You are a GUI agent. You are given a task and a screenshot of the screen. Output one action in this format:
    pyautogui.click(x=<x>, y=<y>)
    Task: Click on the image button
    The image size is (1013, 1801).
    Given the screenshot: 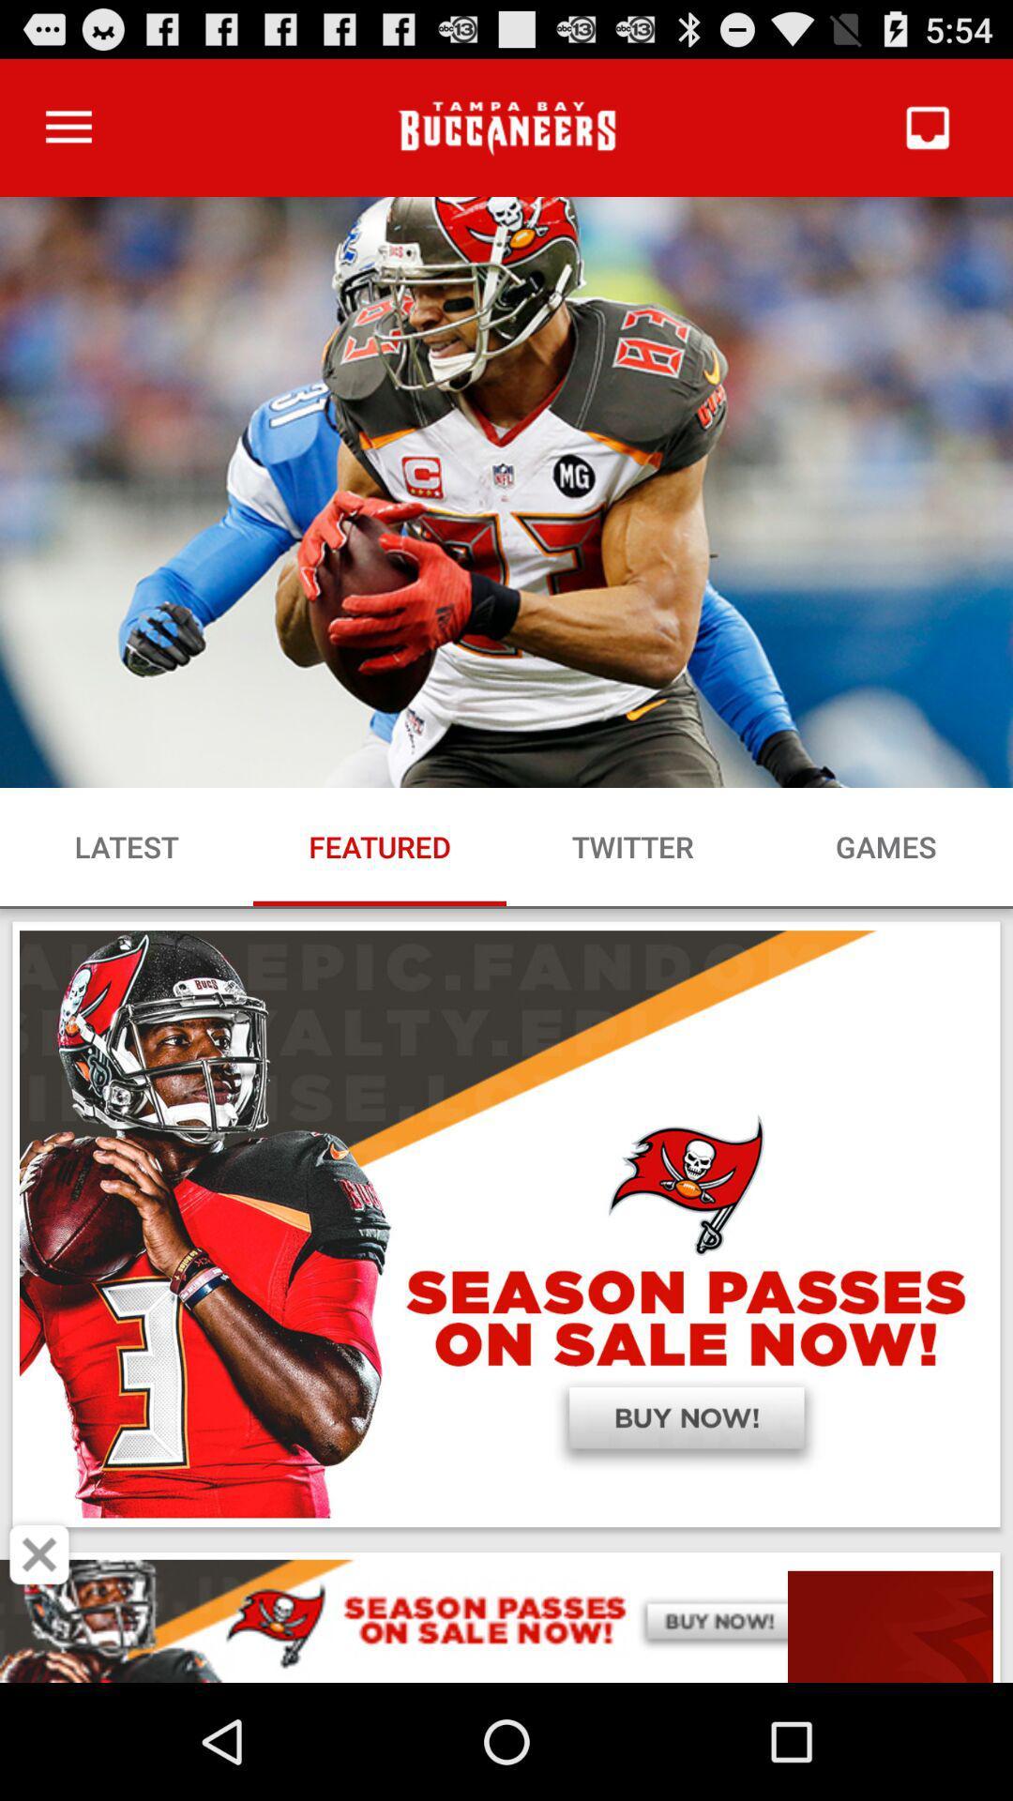 What is the action you would take?
    pyautogui.click(x=39, y=1554)
    